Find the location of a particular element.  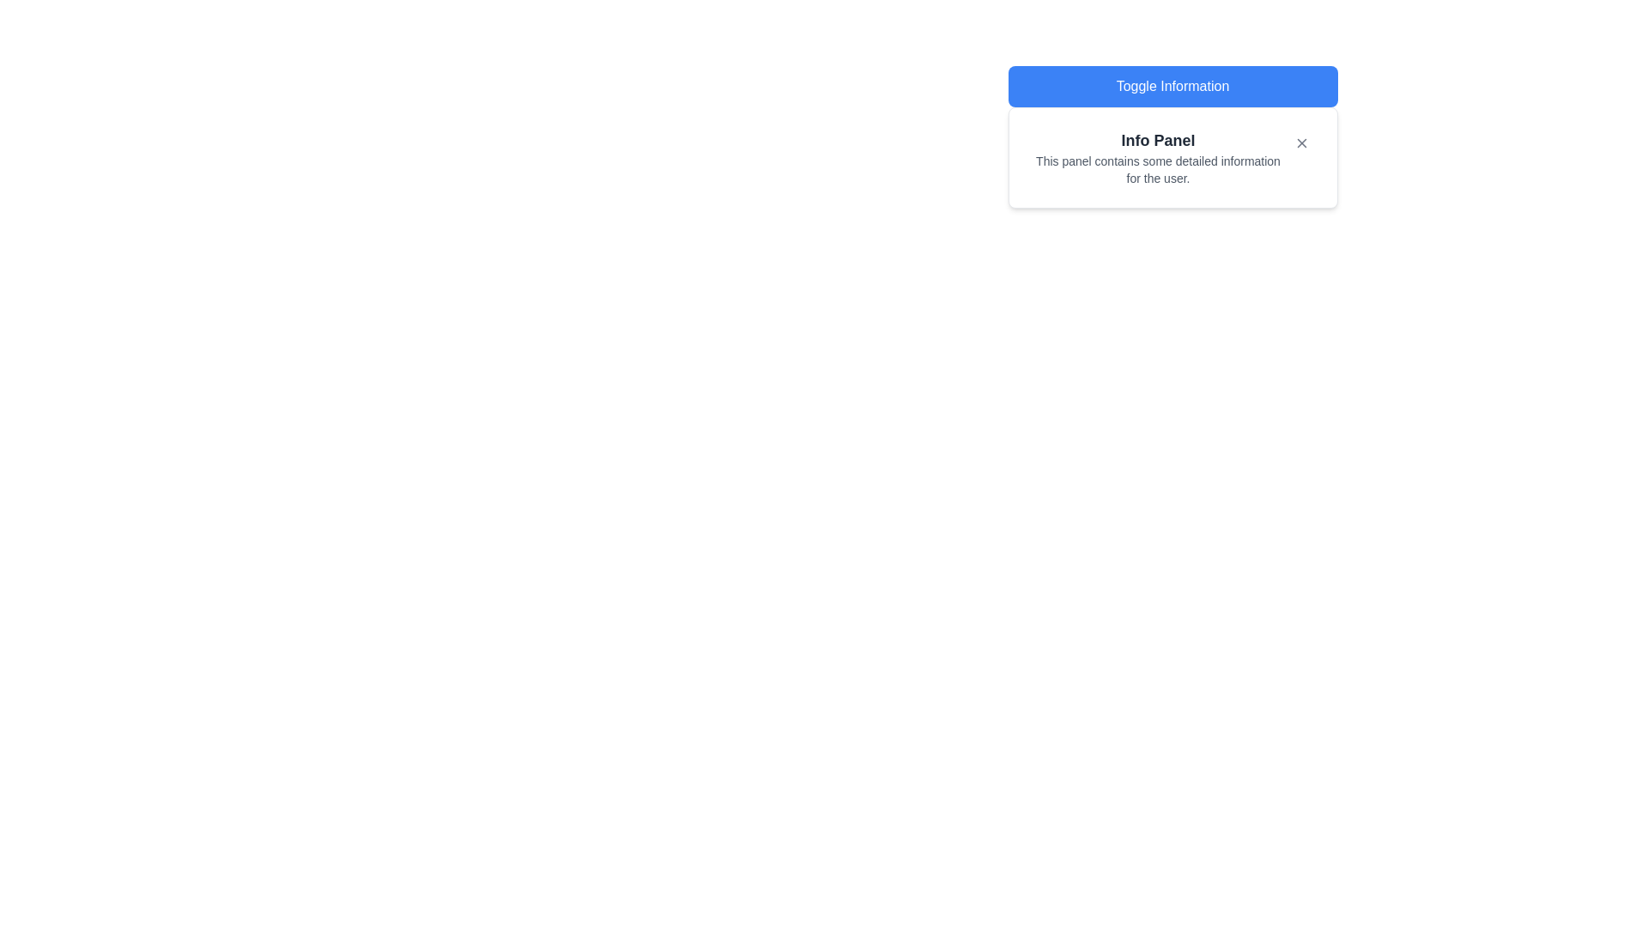

the 'Toggle Information' button with white text on a blue background to change its background color is located at coordinates (1172, 86).